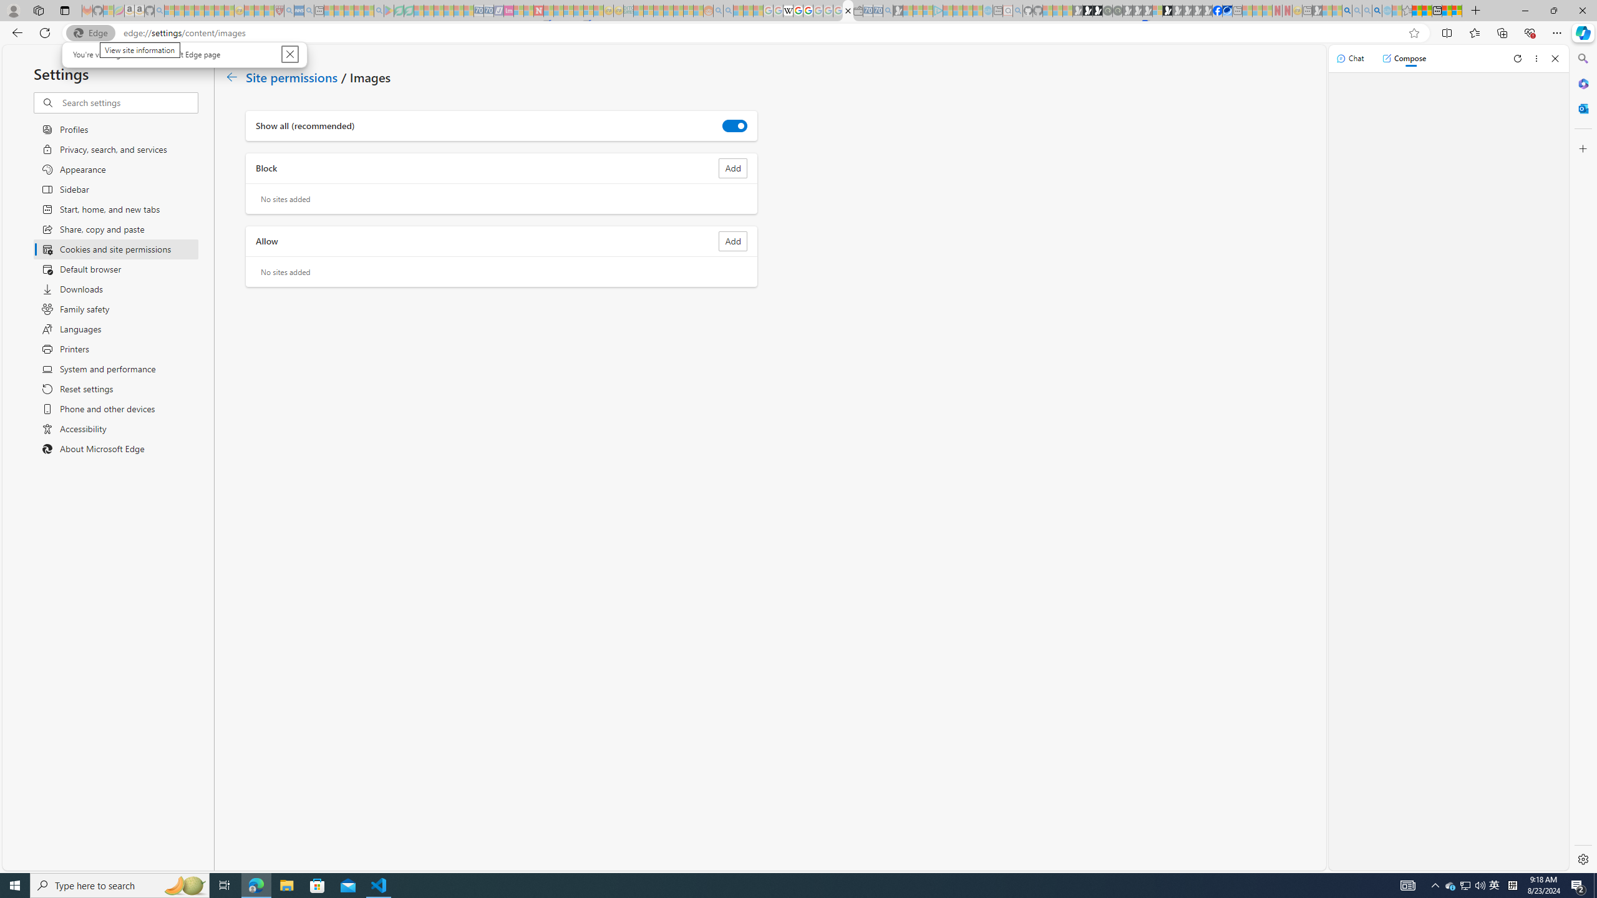 The width and height of the screenshot is (1597, 898). Describe the element at coordinates (732, 241) in the screenshot. I see `'Add site to Allow list'` at that location.